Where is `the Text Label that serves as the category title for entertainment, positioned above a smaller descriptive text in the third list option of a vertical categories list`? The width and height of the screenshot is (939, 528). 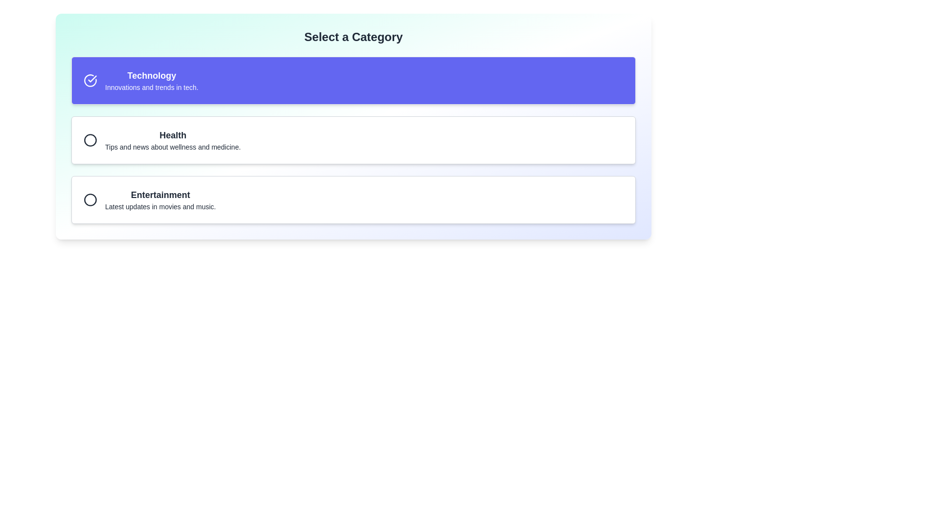
the Text Label that serves as the category title for entertainment, positioned above a smaller descriptive text in the third list option of a vertical categories list is located at coordinates (160, 195).